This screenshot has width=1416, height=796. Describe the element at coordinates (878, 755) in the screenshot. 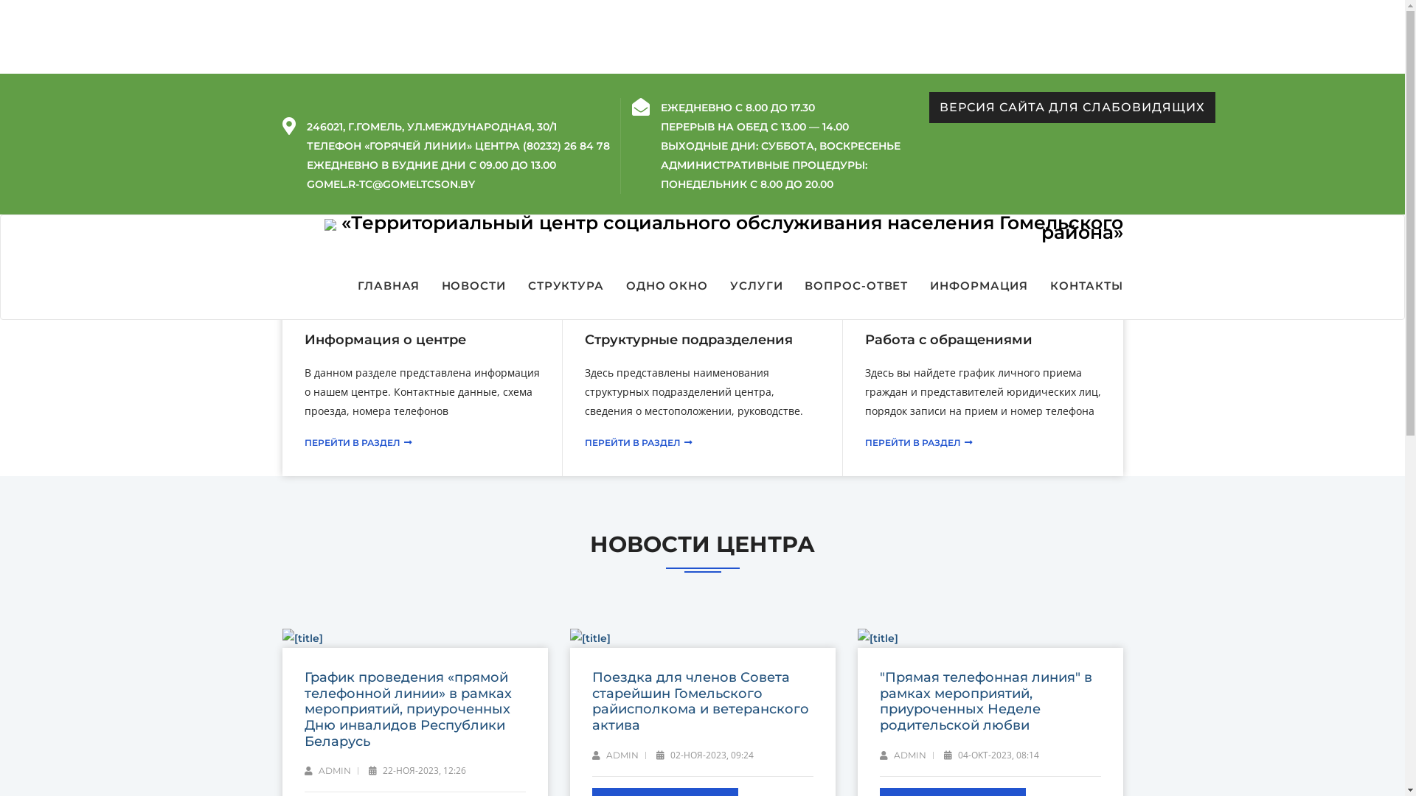

I see `'ADMIN'` at that location.